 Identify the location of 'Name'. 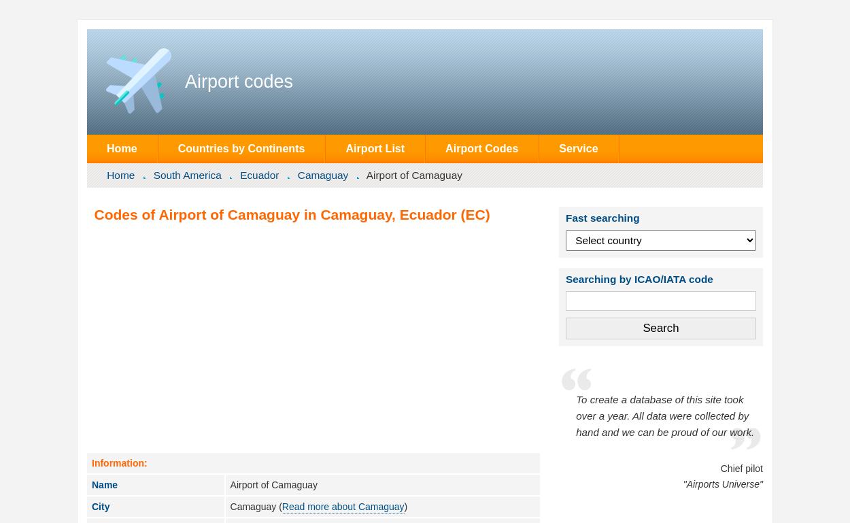
(105, 484).